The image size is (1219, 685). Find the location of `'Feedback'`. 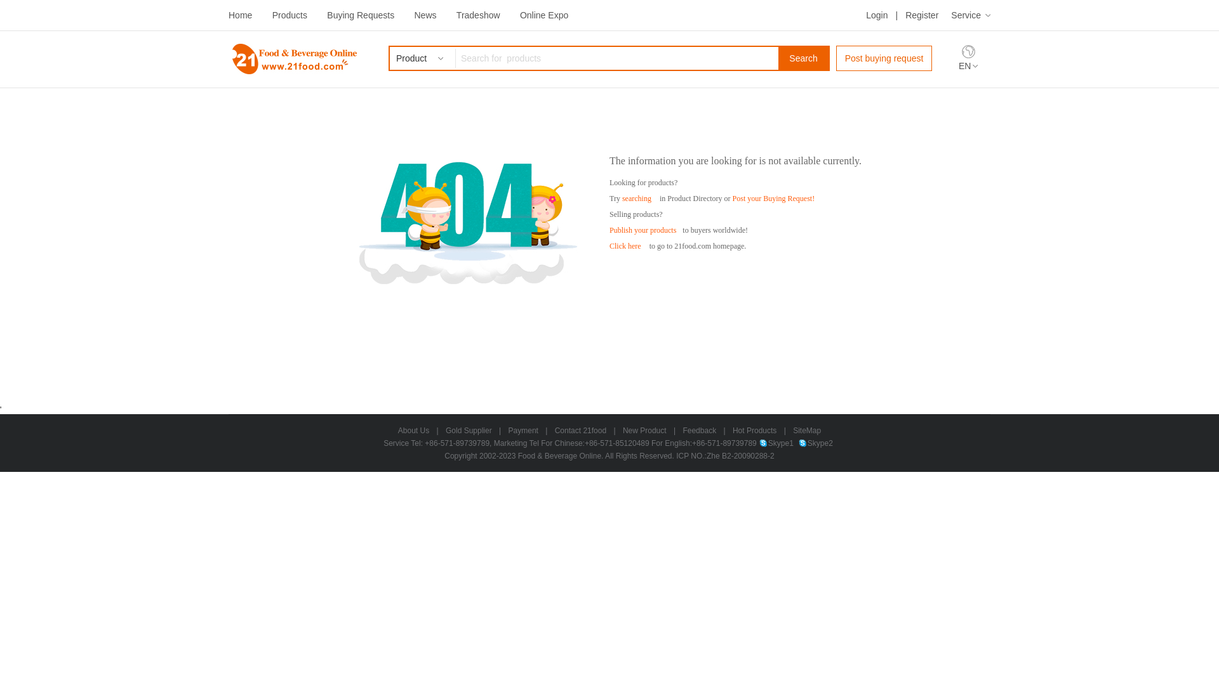

'Feedback' is located at coordinates (698, 429).